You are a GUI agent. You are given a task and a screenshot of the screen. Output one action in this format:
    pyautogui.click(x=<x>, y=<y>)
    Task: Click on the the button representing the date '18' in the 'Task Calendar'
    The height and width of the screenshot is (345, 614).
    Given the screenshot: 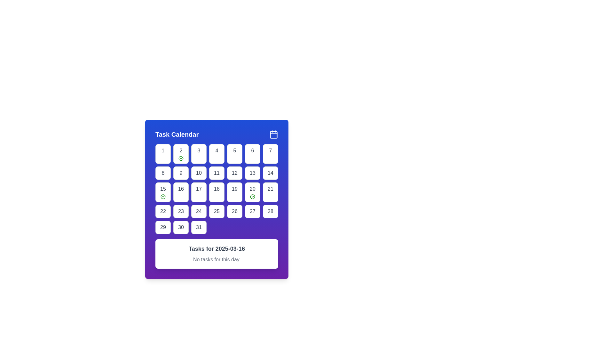 What is the action you would take?
    pyautogui.click(x=216, y=192)
    